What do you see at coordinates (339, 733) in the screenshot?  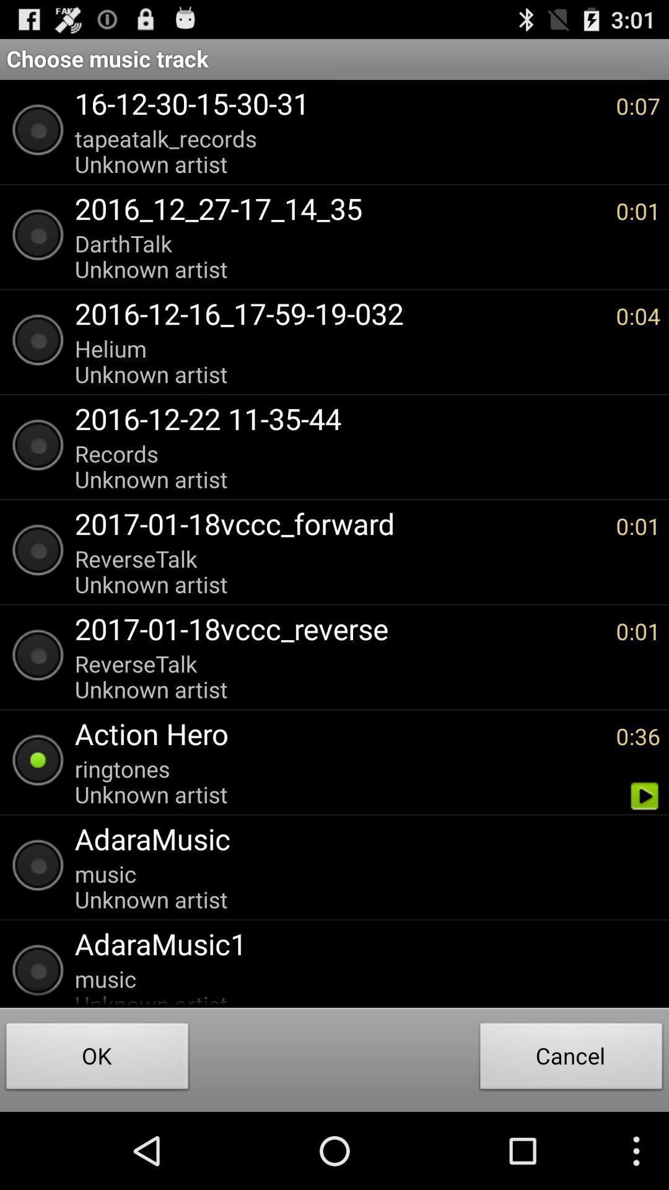 I see `the icon above the ringtones` at bounding box center [339, 733].